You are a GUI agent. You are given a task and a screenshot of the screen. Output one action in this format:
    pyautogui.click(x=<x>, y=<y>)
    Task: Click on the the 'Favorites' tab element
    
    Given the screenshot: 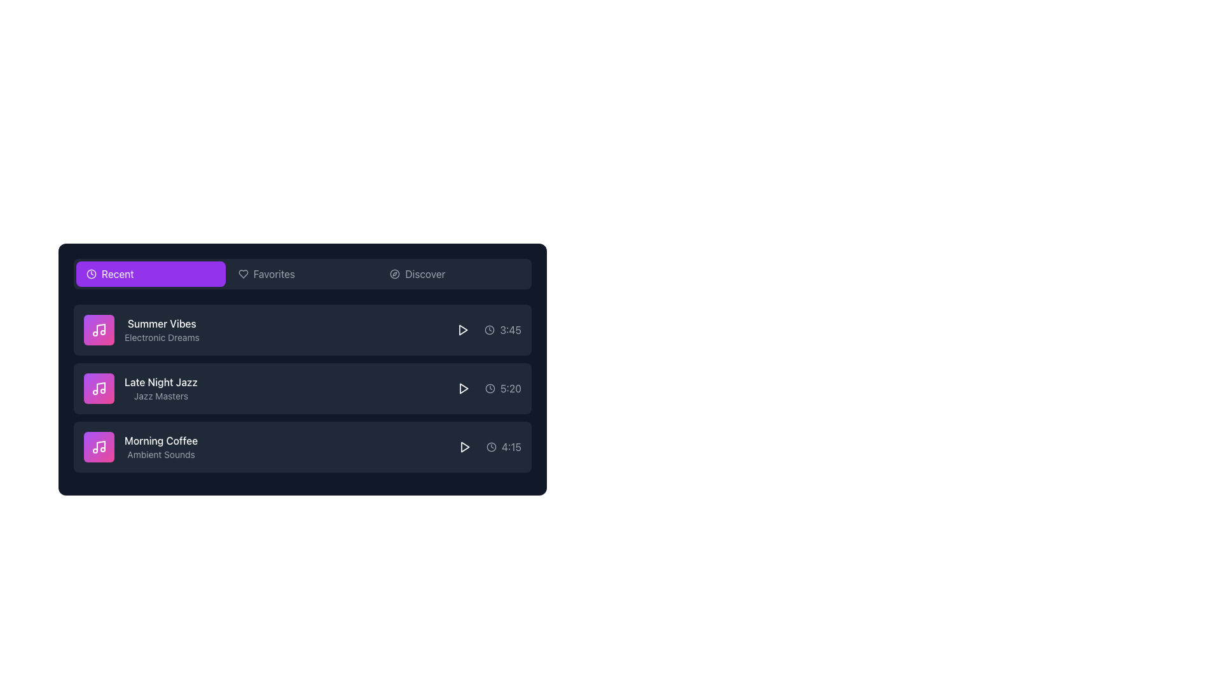 What is the action you would take?
    pyautogui.click(x=301, y=274)
    